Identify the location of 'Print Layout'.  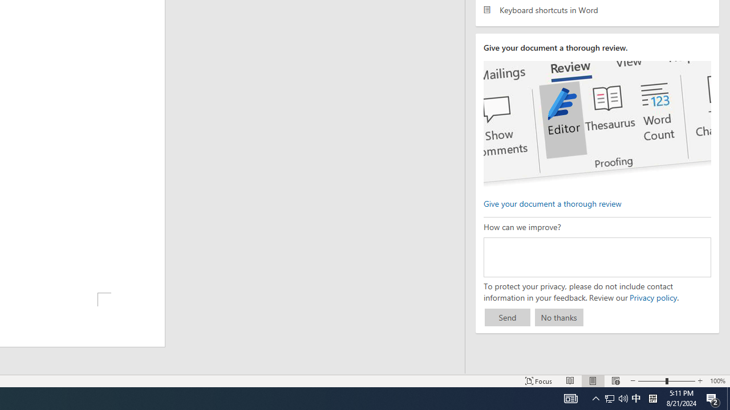
(593, 381).